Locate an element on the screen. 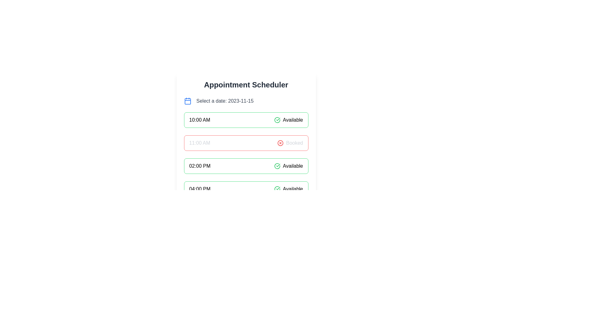  the outer circular boundary of the checkmark icon in the SVG graphic that indicates availability, positioned near the text '02:00 PM Available' is located at coordinates (277, 189).